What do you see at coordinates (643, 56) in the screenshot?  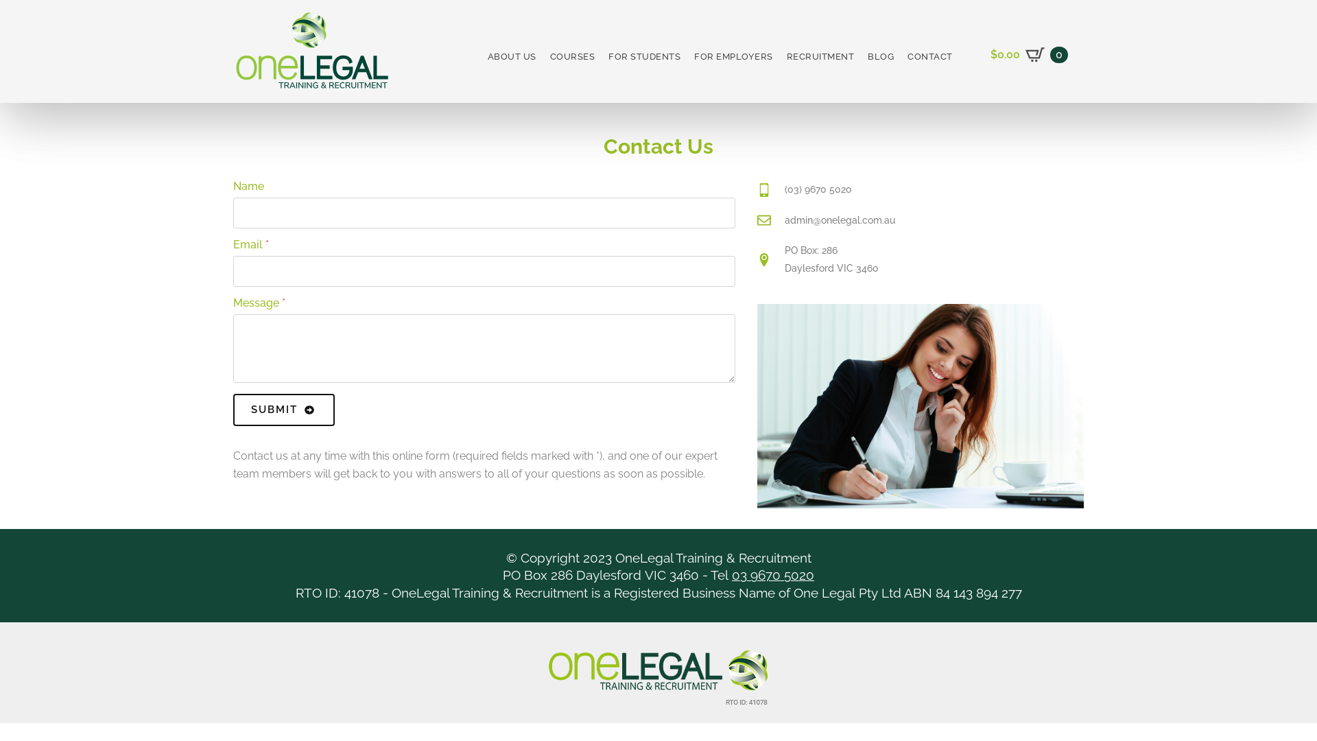 I see `'FOR STUDENTS'` at bounding box center [643, 56].